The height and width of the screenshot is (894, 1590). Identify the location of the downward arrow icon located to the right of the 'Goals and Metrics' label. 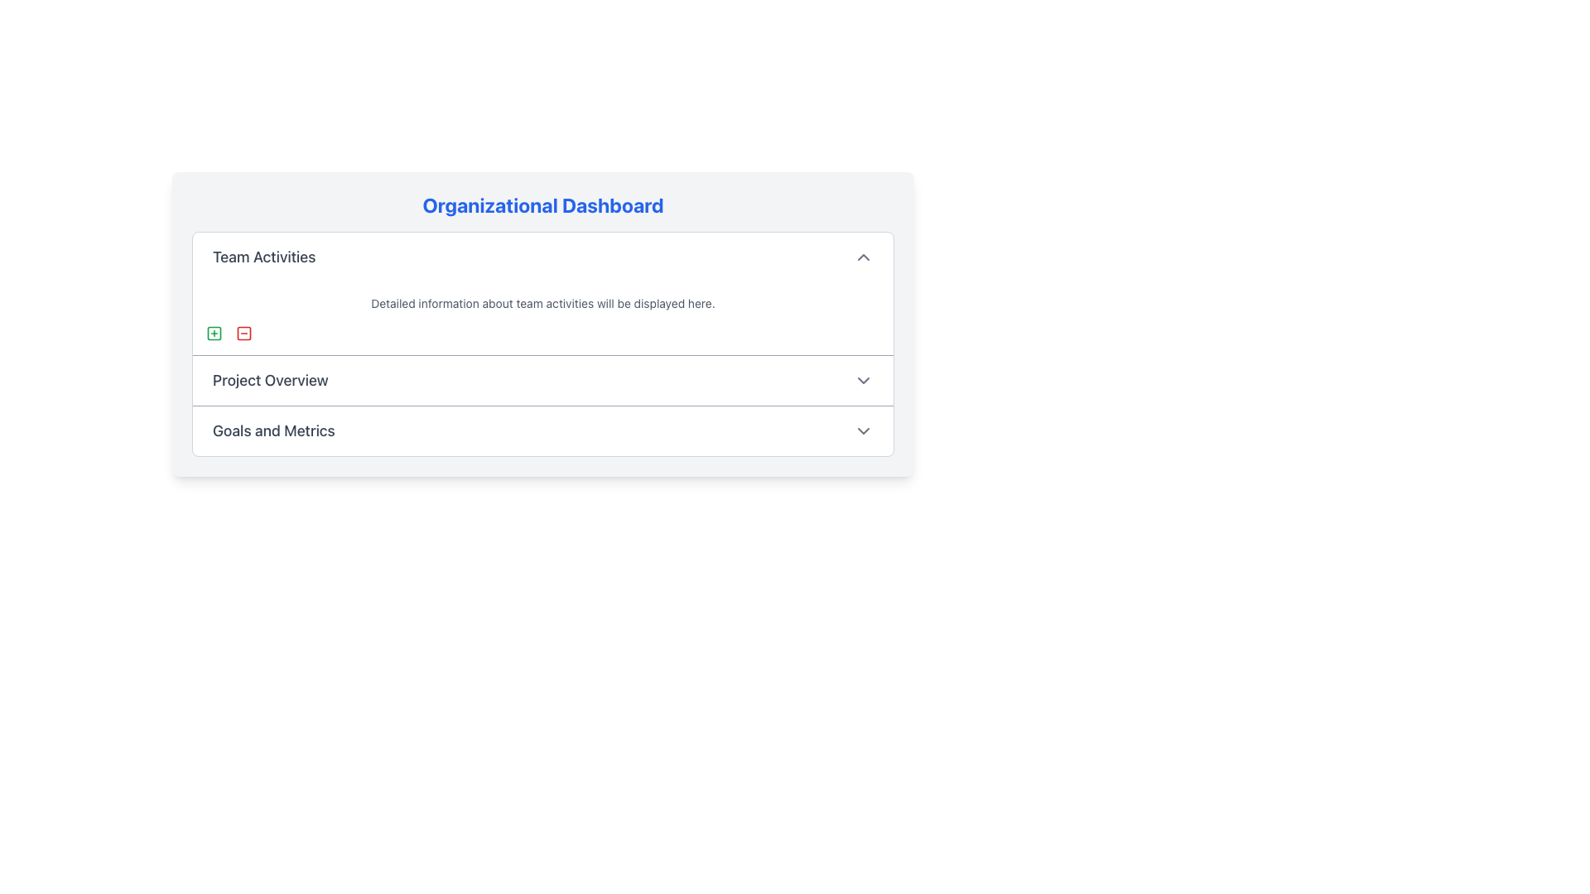
(862, 430).